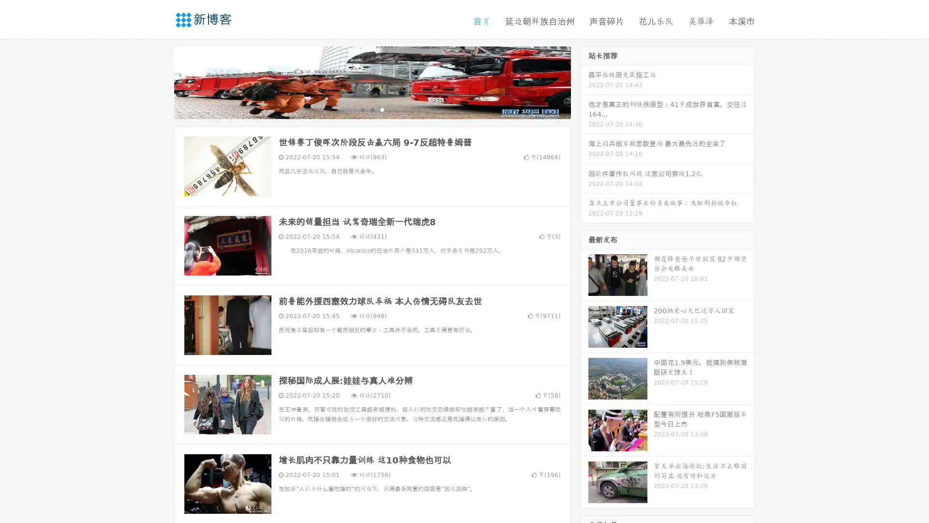  Describe the element at coordinates (160, 81) in the screenshot. I see `Previous slide` at that location.